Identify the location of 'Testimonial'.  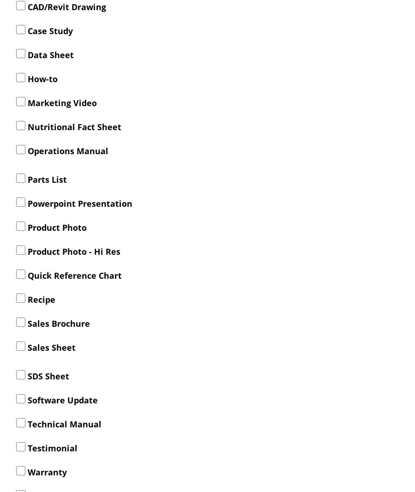
(51, 447).